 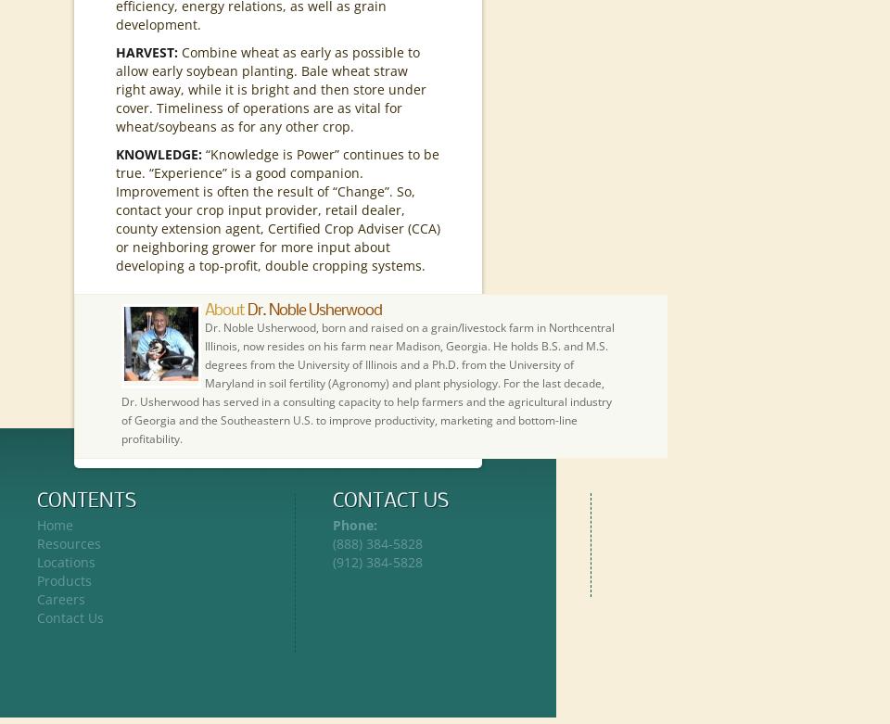 I want to click on 'Home', so click(x=54, y=525).